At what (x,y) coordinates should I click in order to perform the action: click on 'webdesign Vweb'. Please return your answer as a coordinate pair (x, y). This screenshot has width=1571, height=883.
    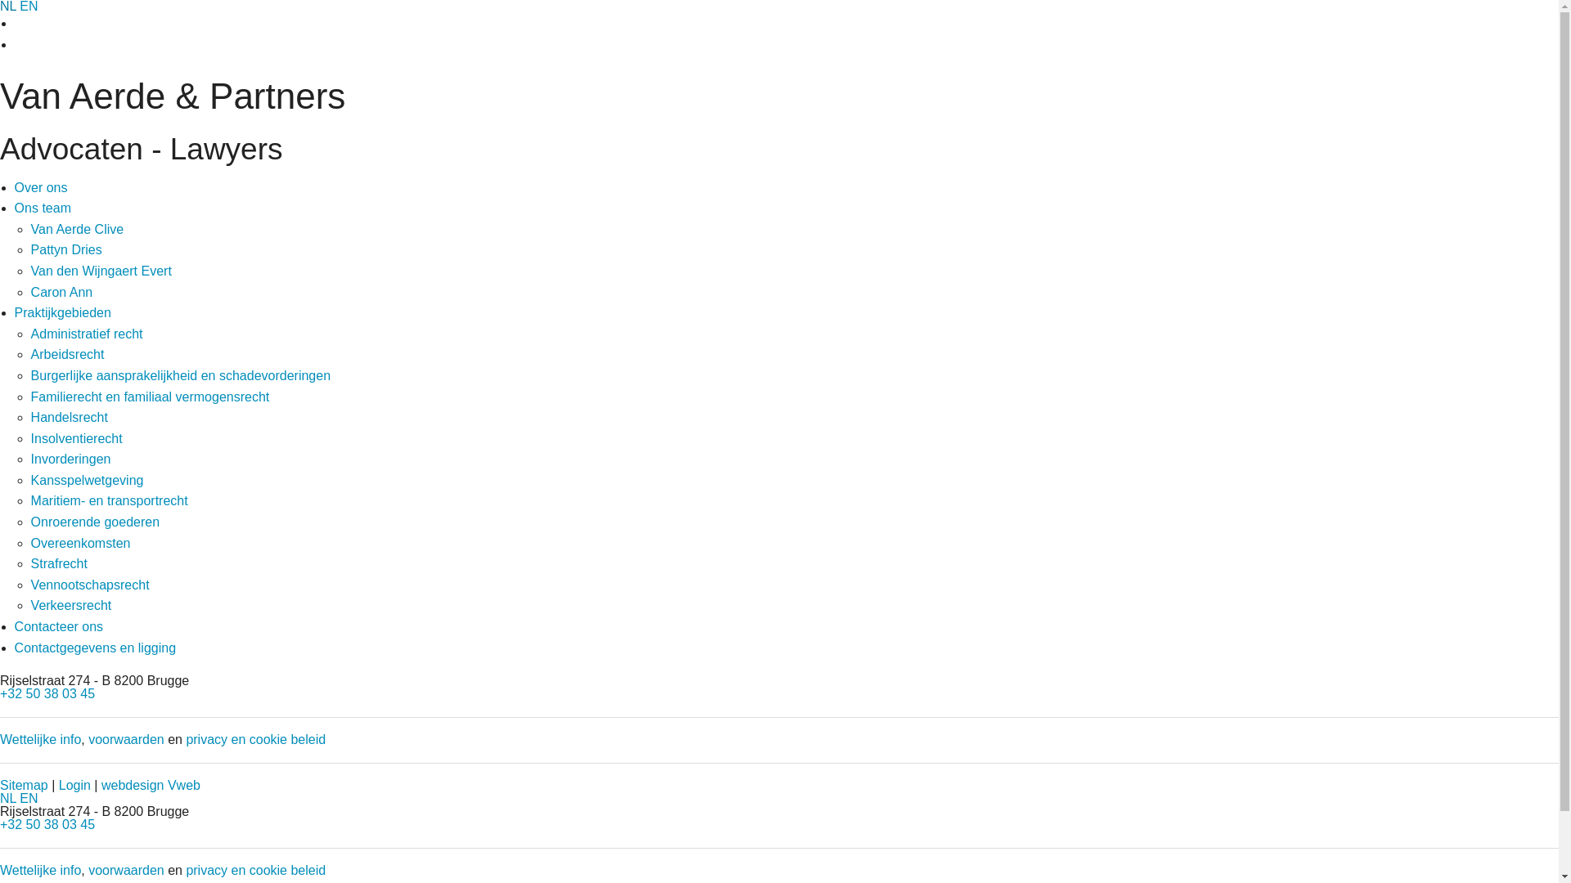
    Looking at the image, I should click on (151, 784).